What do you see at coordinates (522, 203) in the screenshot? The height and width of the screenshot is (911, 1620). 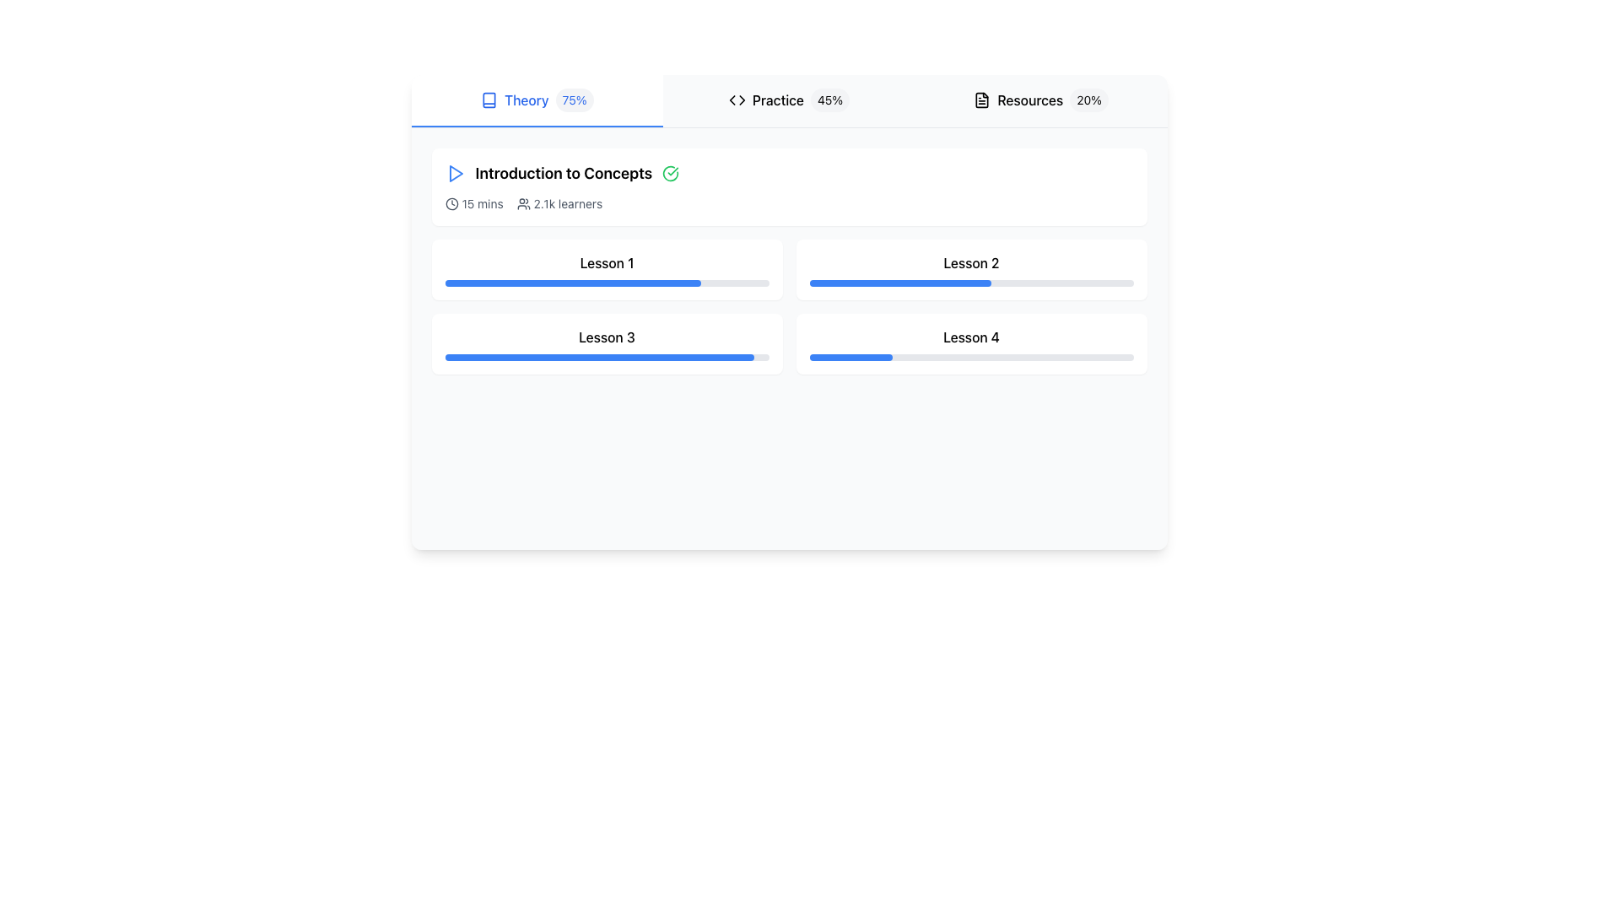 I see `the Users icon located in the header row beside the text '2.1k learners', which visually represents multiple learners` at bounding box center [522, 203].